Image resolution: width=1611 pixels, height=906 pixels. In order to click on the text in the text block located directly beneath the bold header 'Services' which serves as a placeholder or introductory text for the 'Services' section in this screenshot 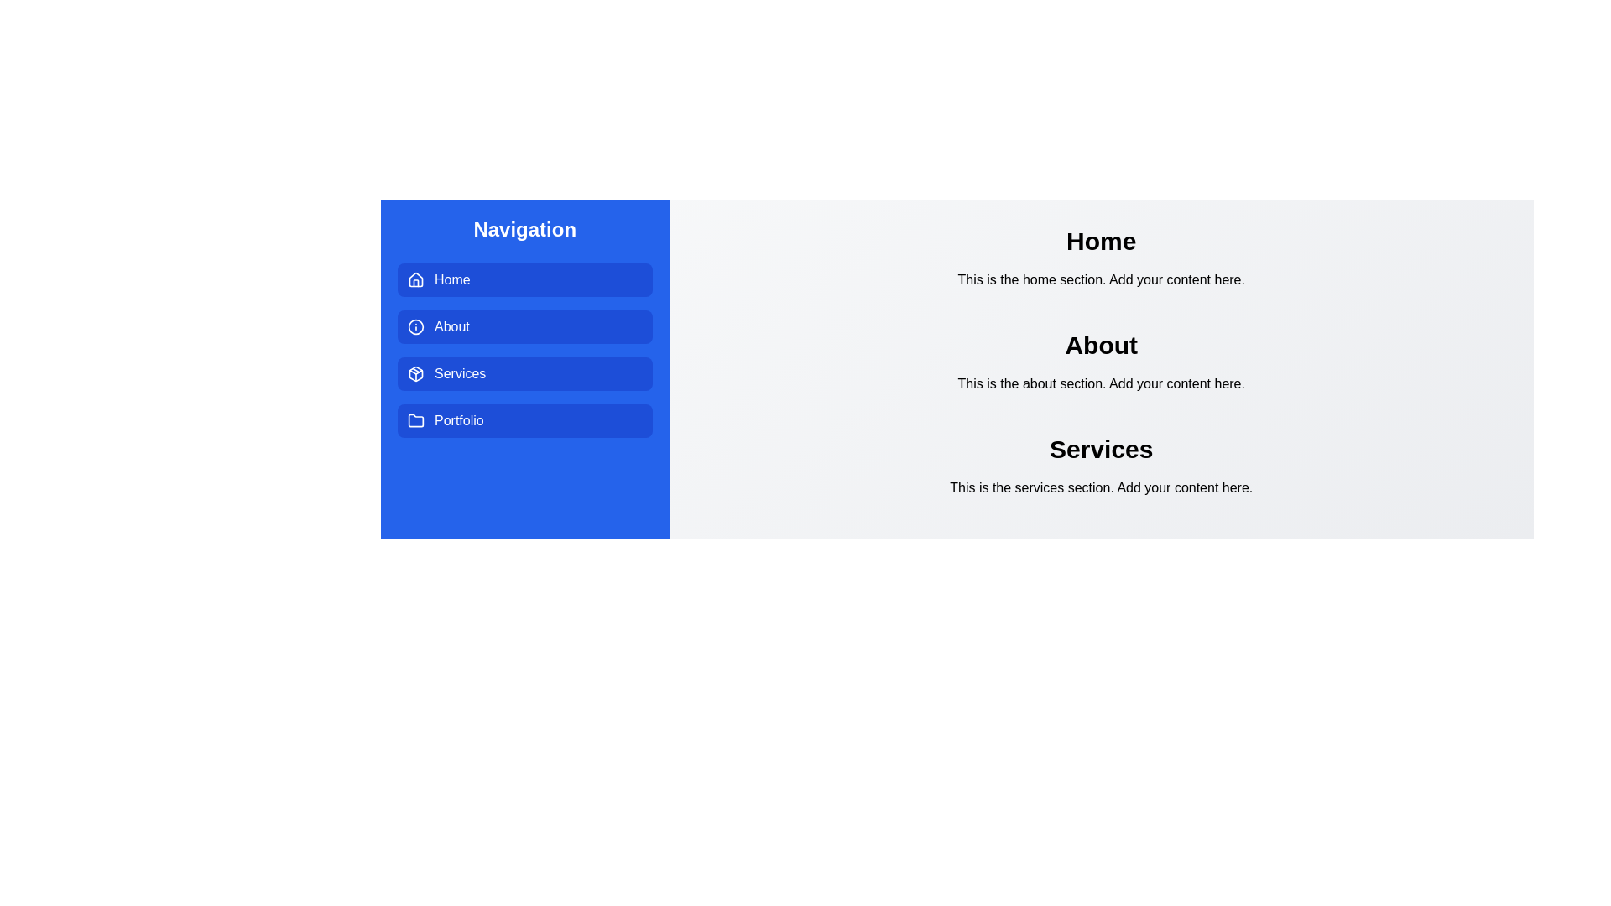, I will do `click(1101, 488)`.